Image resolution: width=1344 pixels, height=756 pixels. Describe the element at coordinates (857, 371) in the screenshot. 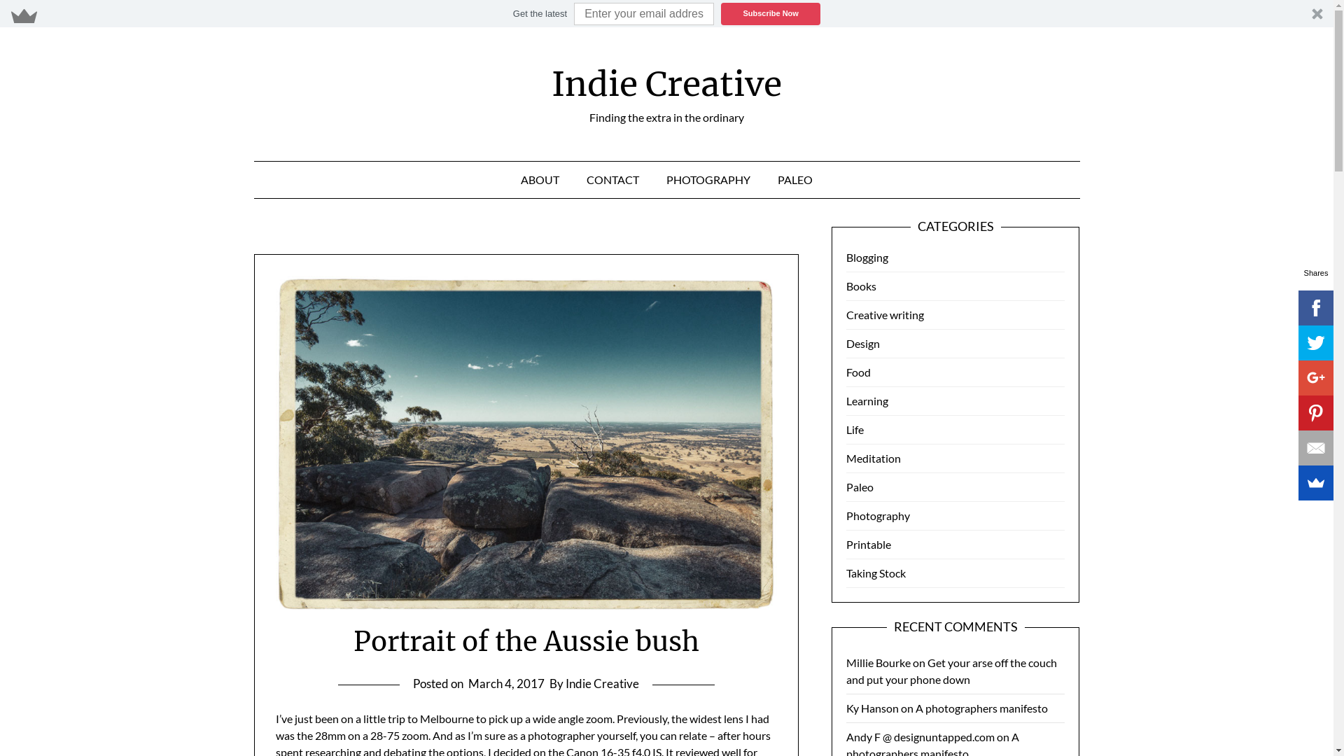

I see `'Food'` at that location.